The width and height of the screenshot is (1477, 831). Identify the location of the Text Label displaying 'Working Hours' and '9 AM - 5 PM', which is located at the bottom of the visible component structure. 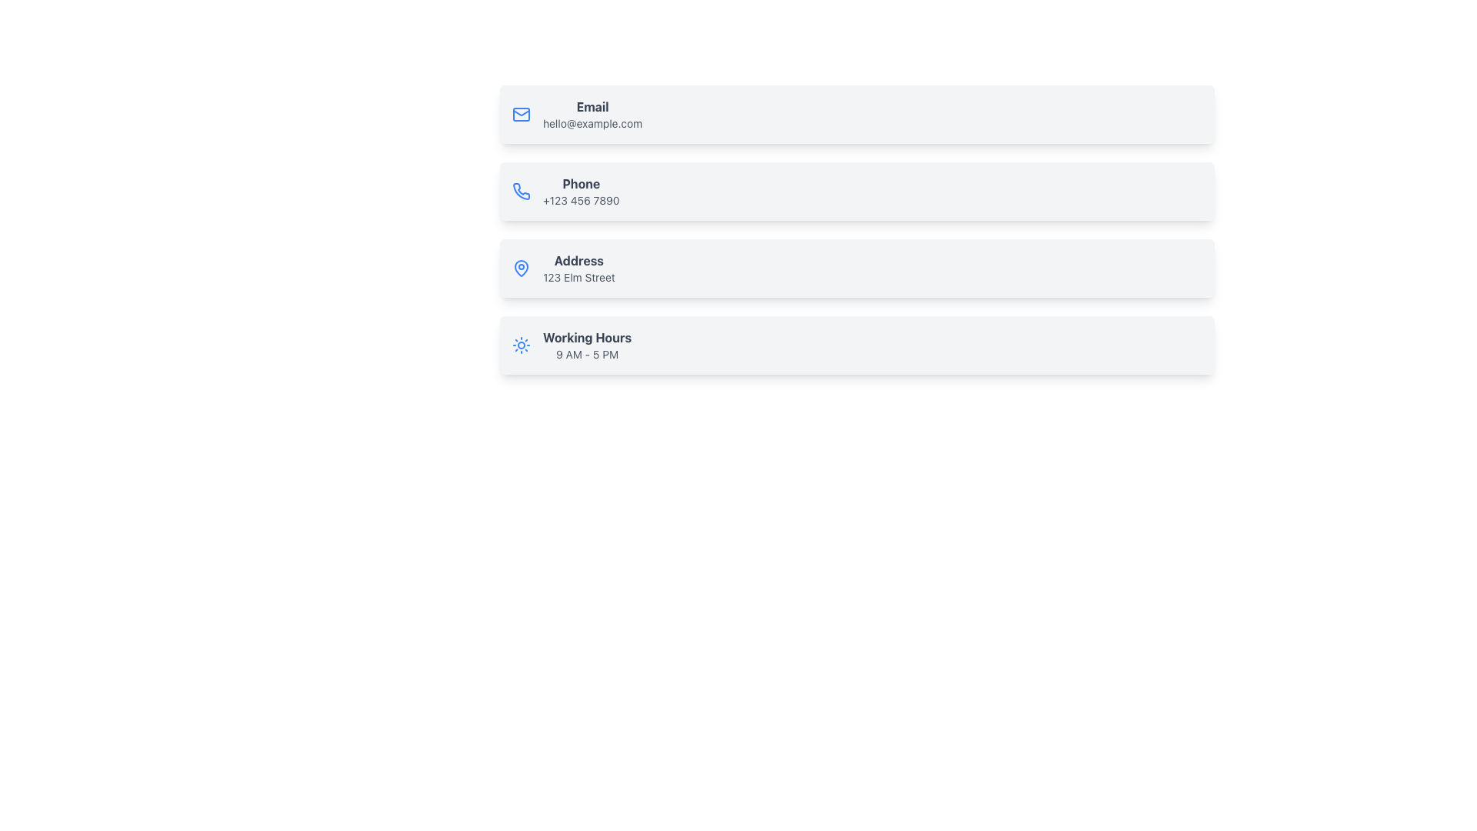
(586, 344).